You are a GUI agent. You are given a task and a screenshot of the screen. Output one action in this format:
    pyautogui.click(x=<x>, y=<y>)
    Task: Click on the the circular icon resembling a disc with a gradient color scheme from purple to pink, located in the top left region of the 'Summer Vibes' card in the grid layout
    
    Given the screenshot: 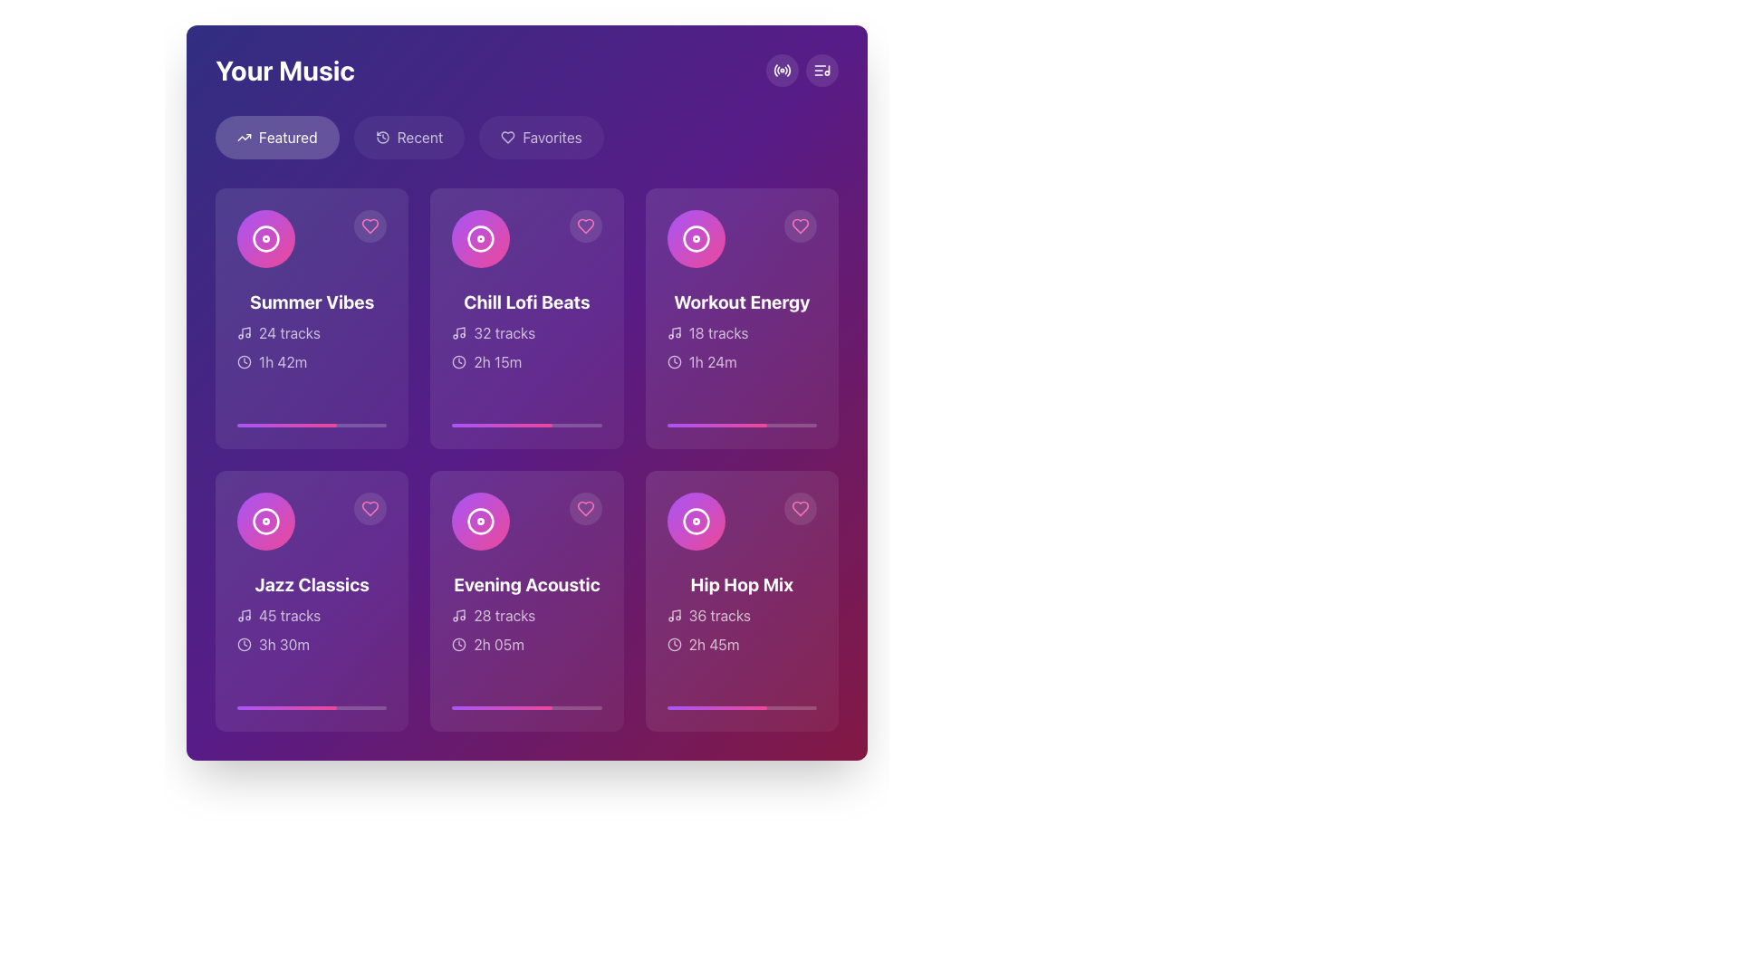 What is the action you would take?
    pyautogui.click(x=264, y=237)
    